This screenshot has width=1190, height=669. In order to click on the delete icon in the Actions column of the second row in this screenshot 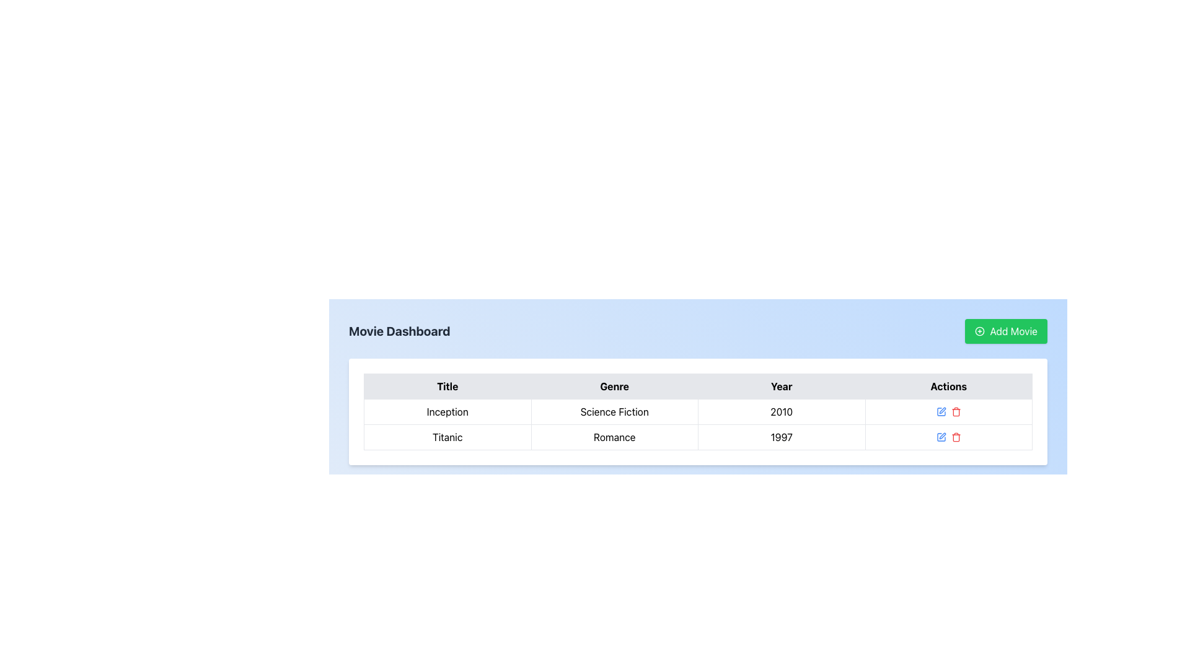, I will do `click(955, 436)`.